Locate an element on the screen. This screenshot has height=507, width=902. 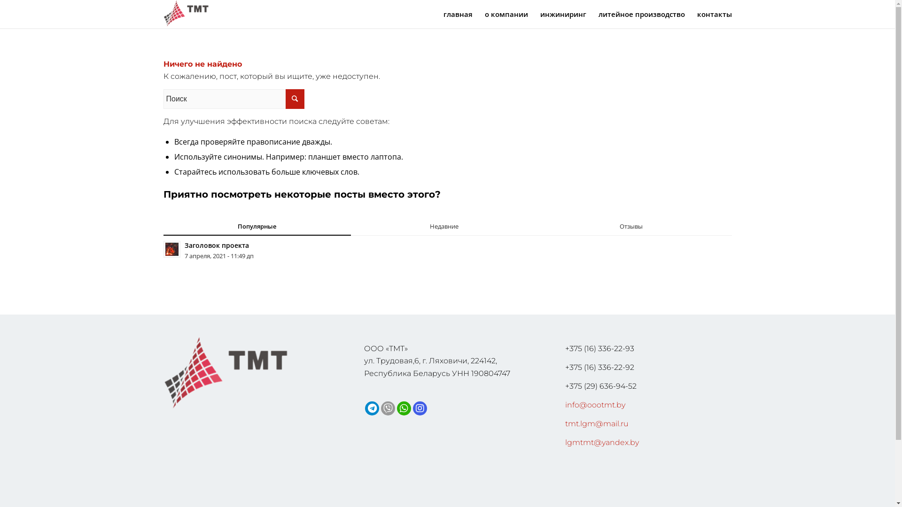
'Viber' is located at coordinates (381, 408).